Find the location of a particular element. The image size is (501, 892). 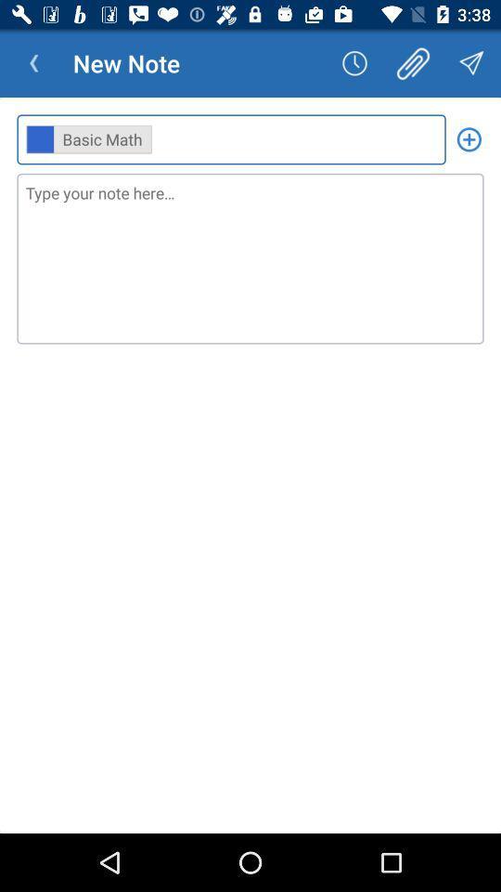

text here is located at coordinates (250, 257).